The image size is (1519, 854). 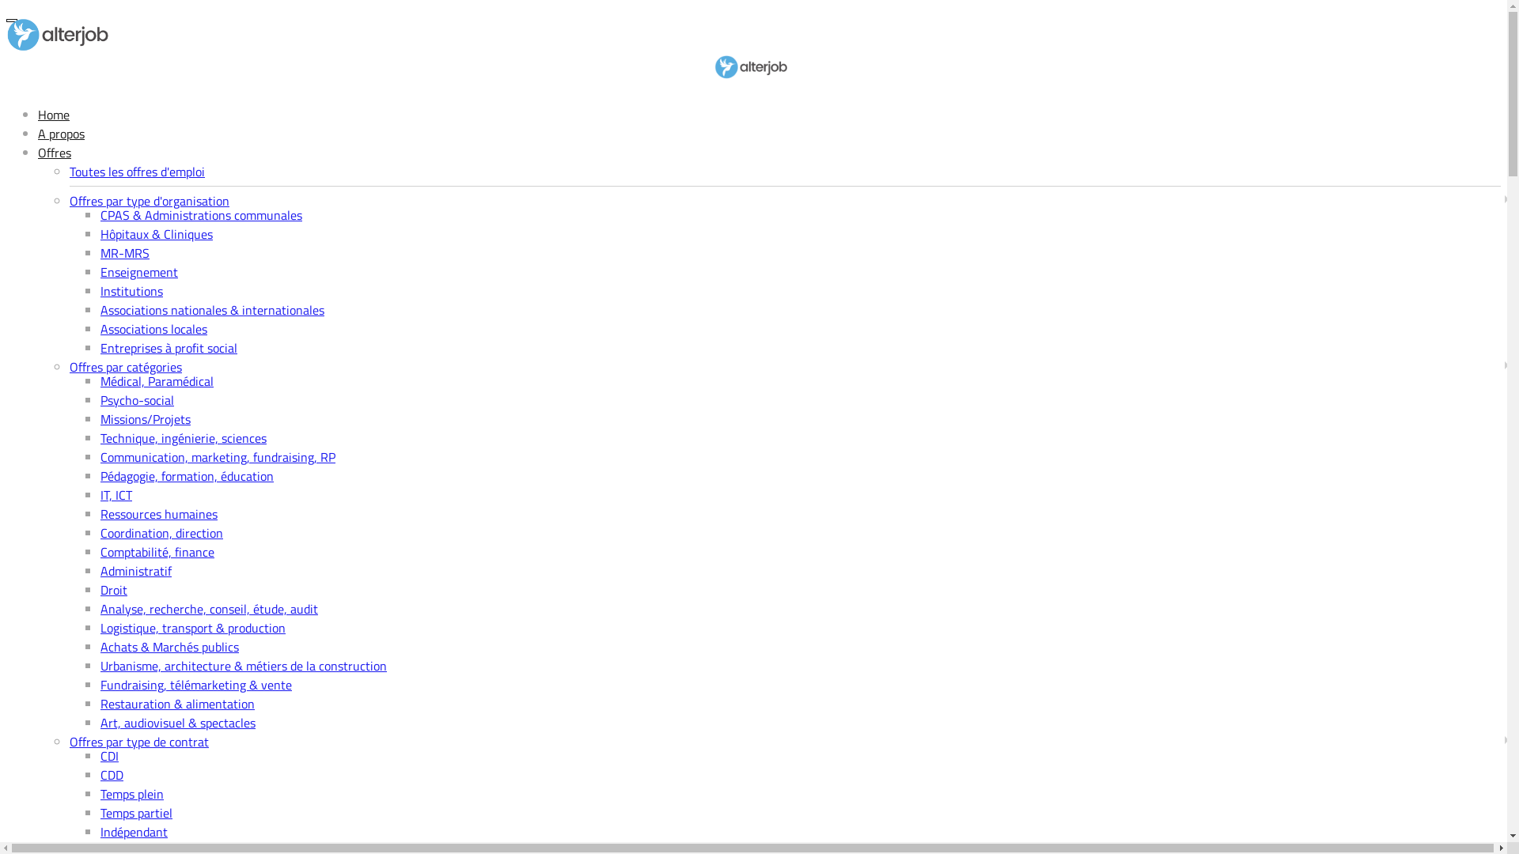 What do you see at coordinates (192, 627) in the screenshot?
I see `'Logistique, transport & production'` at bounding box center [192, 627].